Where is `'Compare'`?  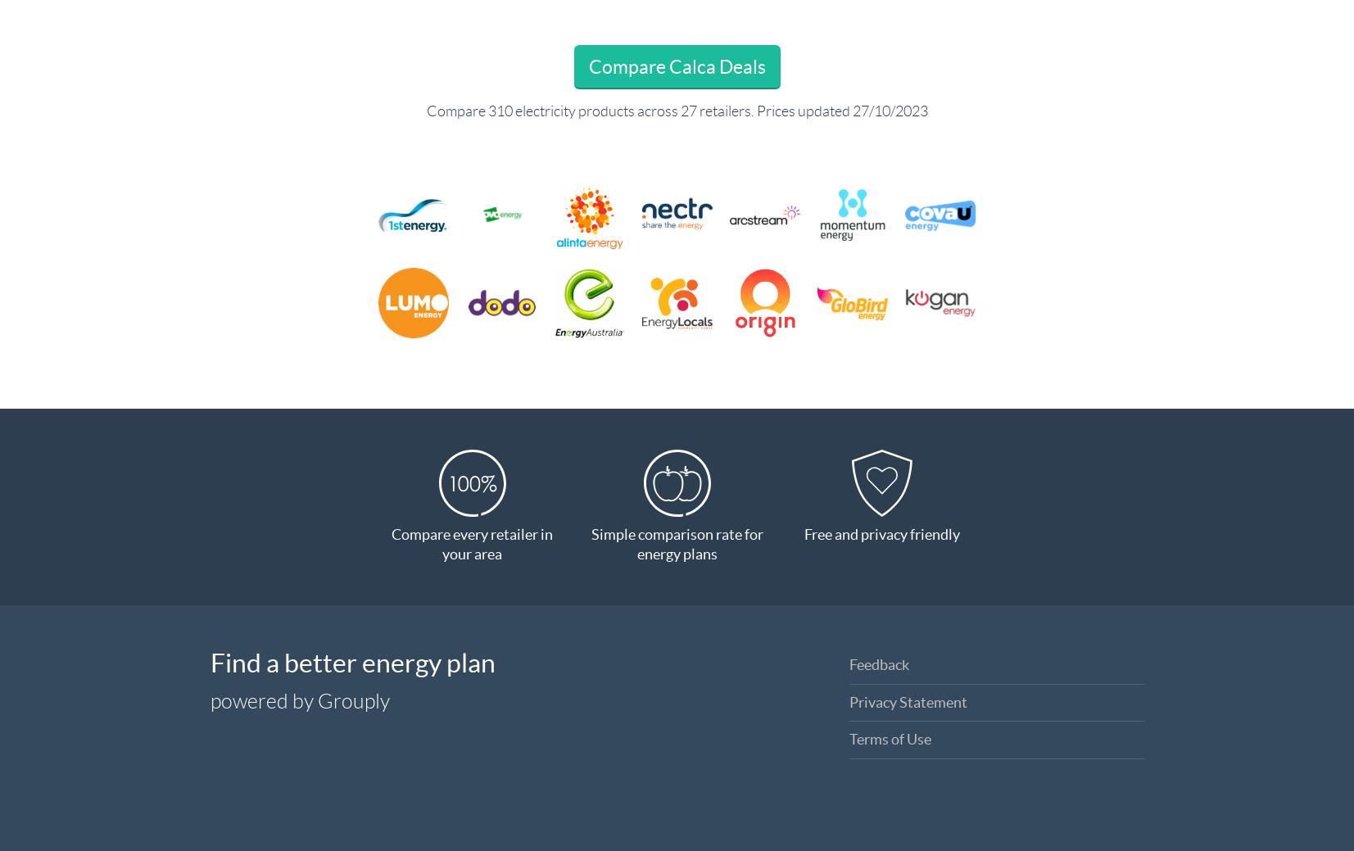 'Compare' is located at coordinates (455, 111).